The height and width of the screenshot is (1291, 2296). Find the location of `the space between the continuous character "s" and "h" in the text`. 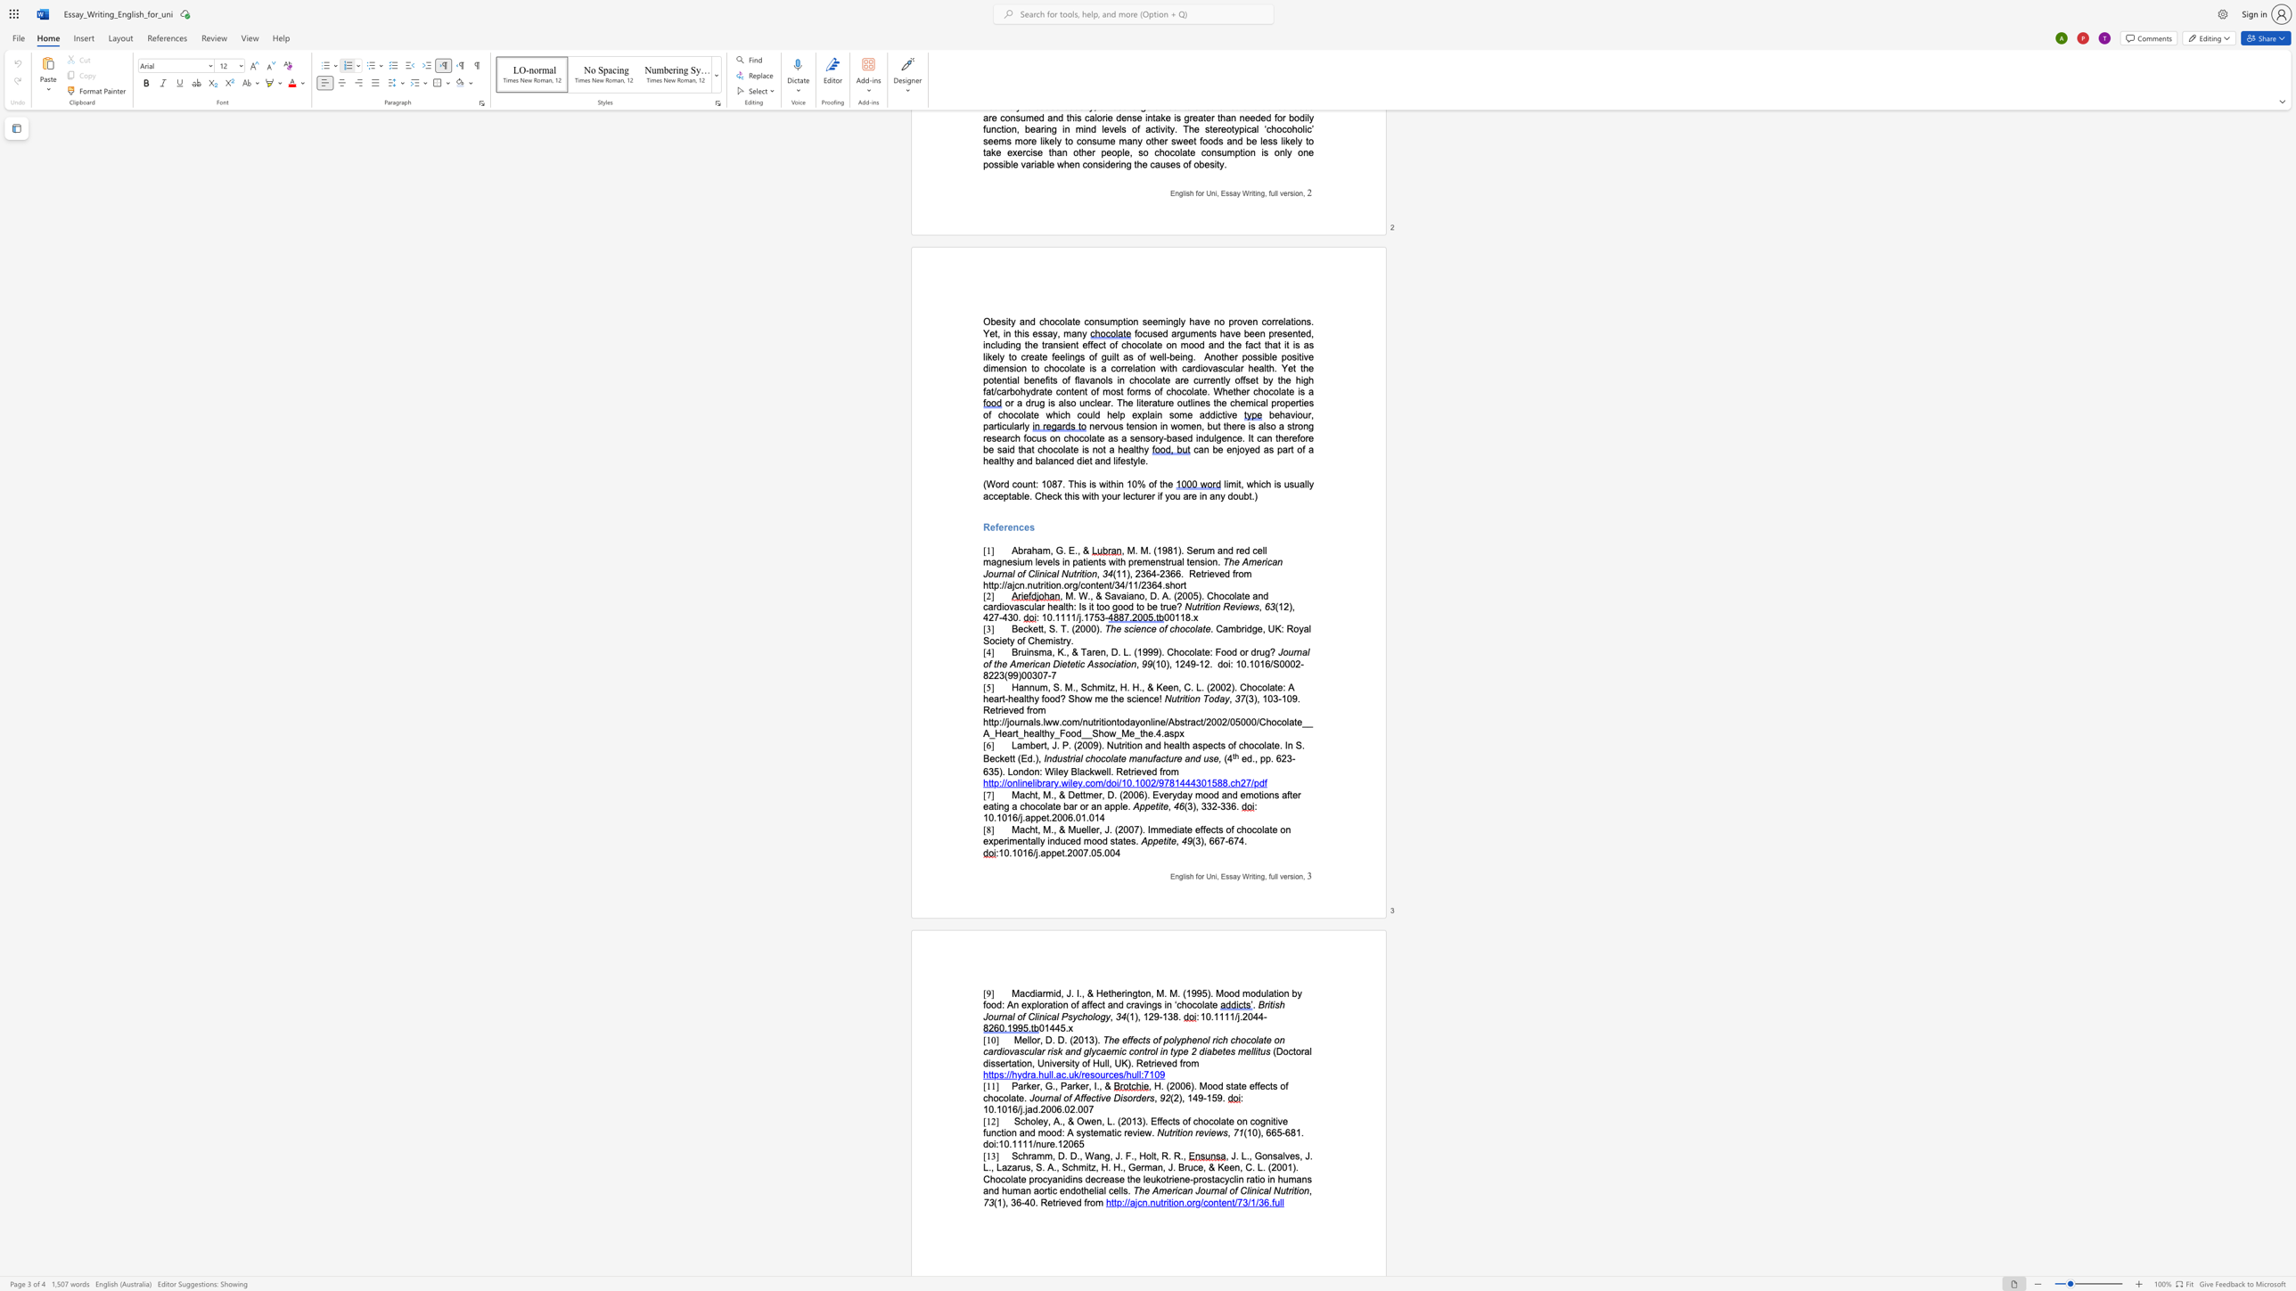

the space between the continuous character "s" and "h" in the text is located at coordinates (1190, 876).